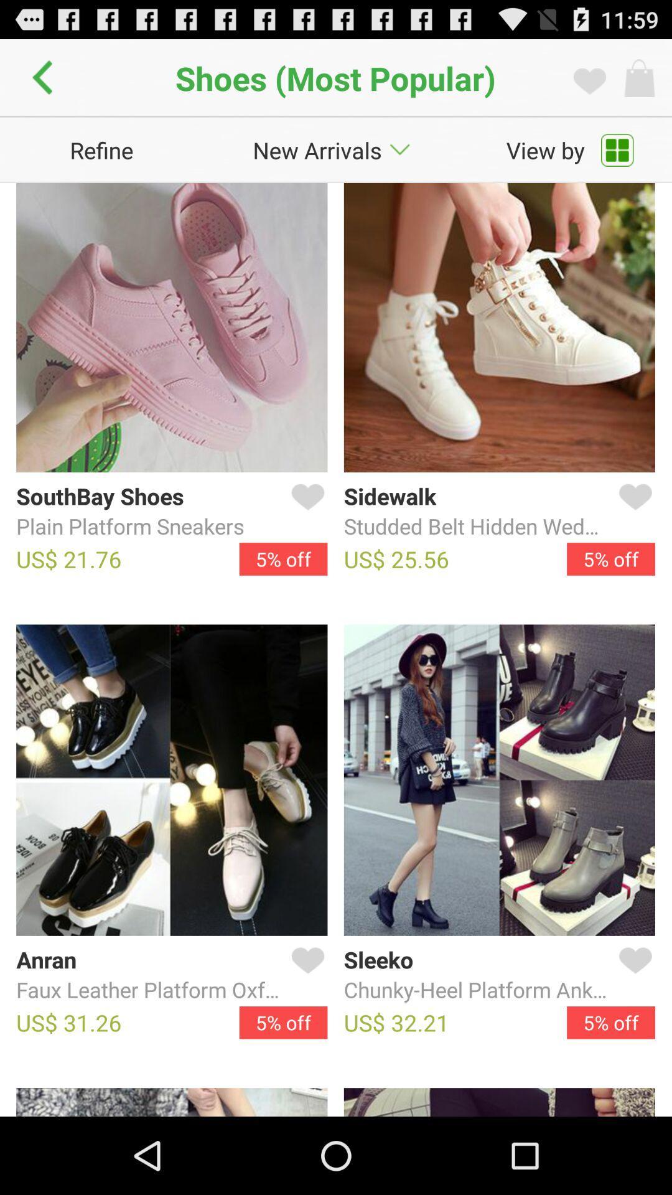 The image size is (672, 1195). I want to click on move back, so click(45, 77).